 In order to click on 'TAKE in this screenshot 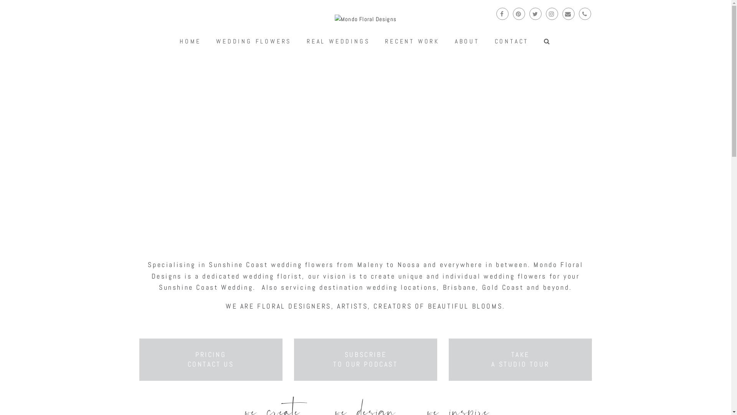, I will do `click(520, 359)`.